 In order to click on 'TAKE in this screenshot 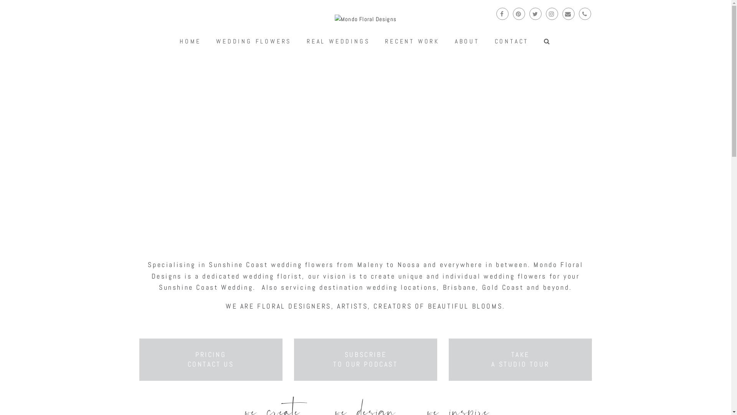, I will do `click(520, 359)`.